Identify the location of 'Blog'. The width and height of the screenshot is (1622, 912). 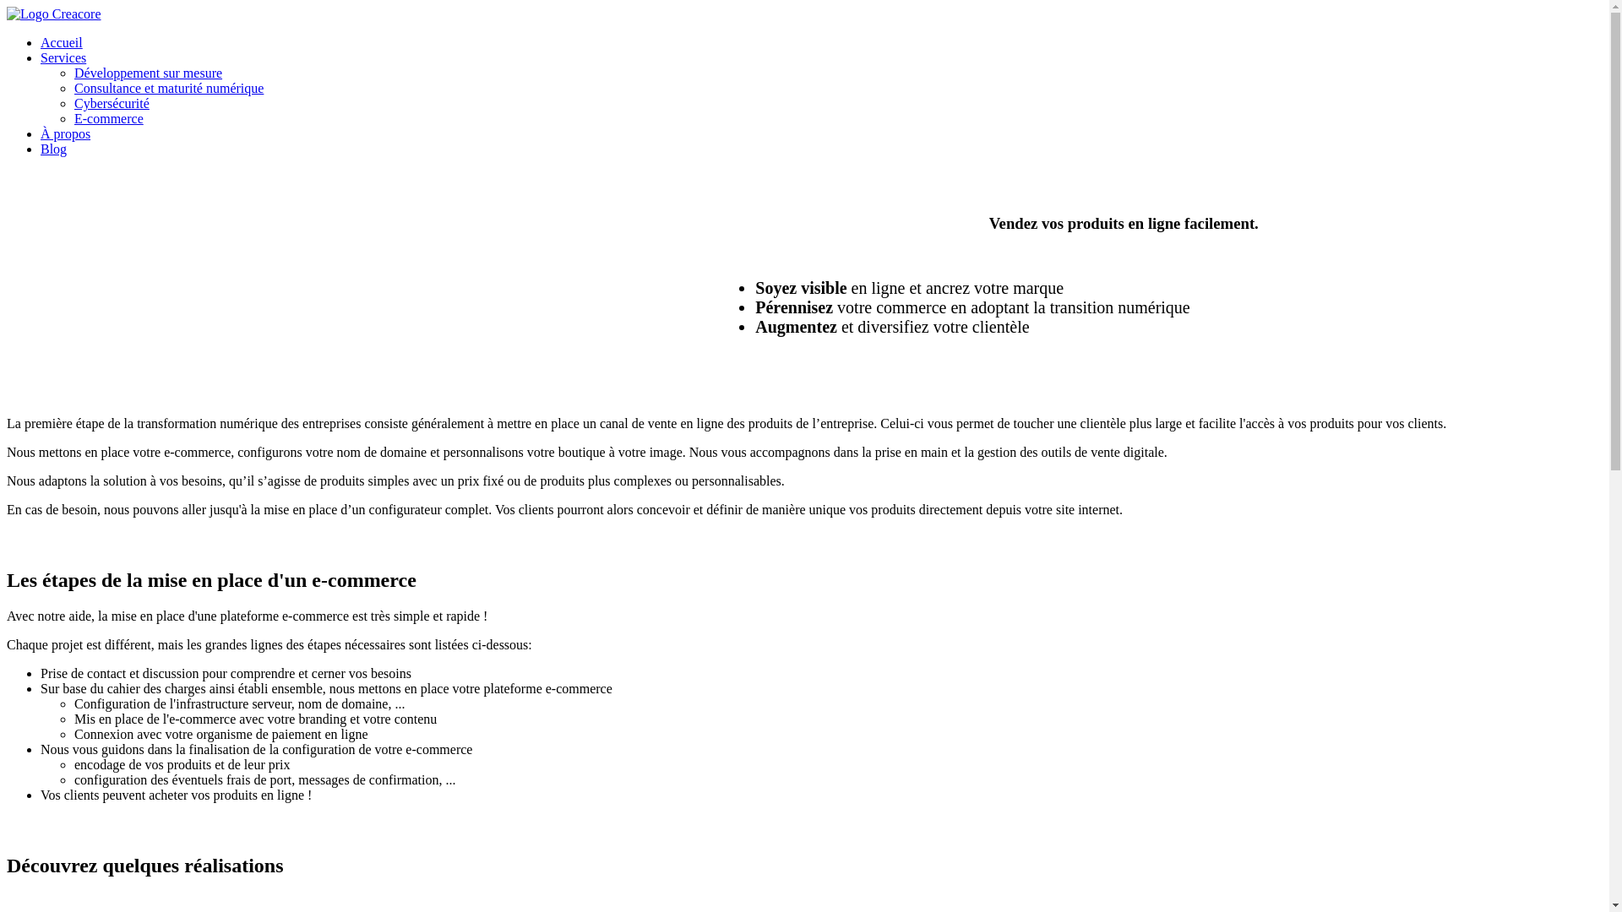
(53, 148).